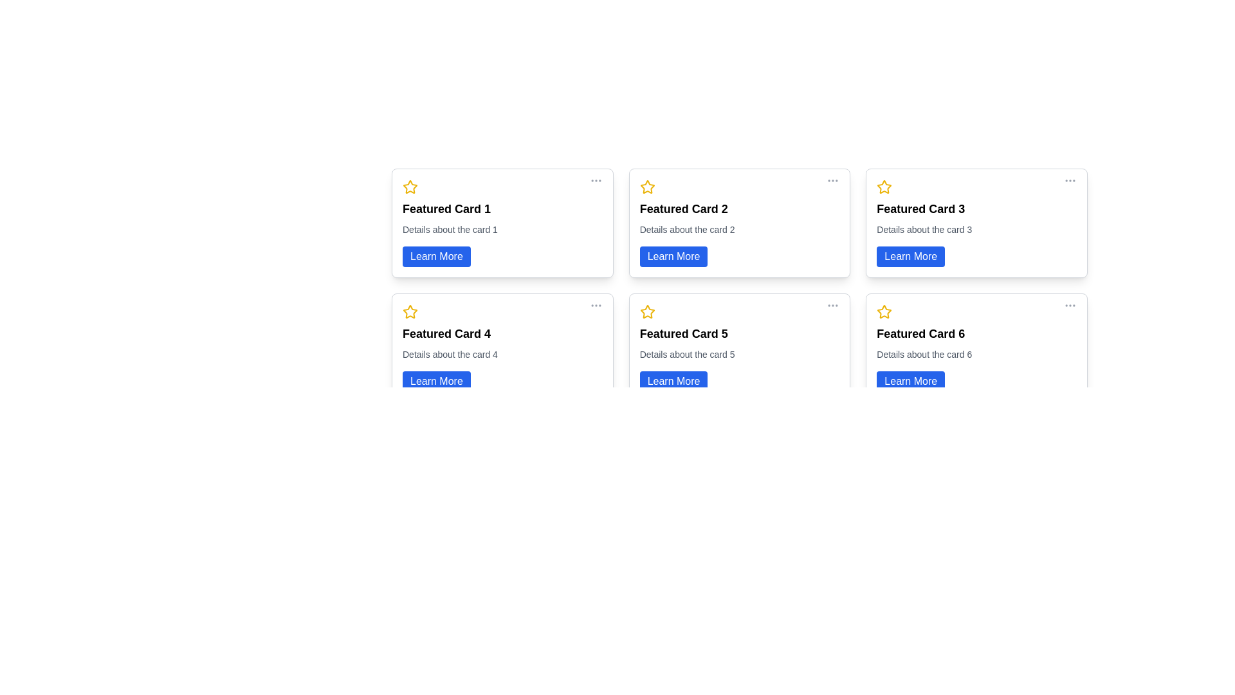 The height and width of the screenshot is (695, 1235). What do you see at coordinates (924, 229) in the screenshot?
I see `information displayed in the text block that shows the phrase 'Details about the card 3', which is located beneath the title of 'Featured Card 3'` at bounding box center [924, 229].